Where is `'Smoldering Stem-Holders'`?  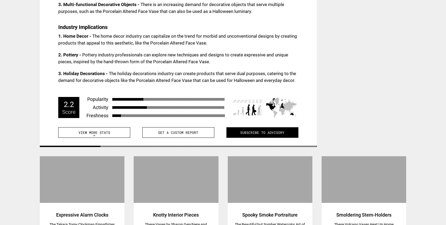 'Smoldering Stem-Holders' is located at coordinates (363, 214).